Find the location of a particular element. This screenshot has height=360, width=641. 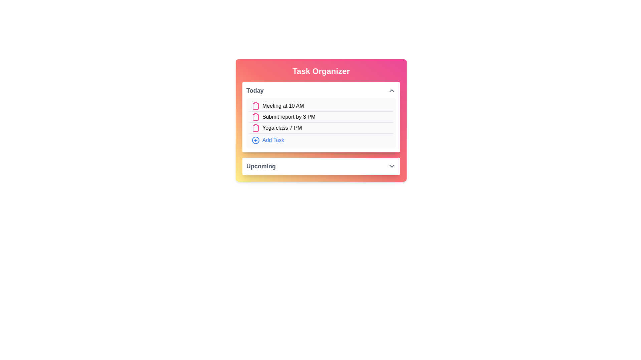

to select the scheduled task labeled 'Yoga class 7 PM', which is the third item in the vertical list under the 'Today' section of the task organizer is located at coordinates (321, 128).